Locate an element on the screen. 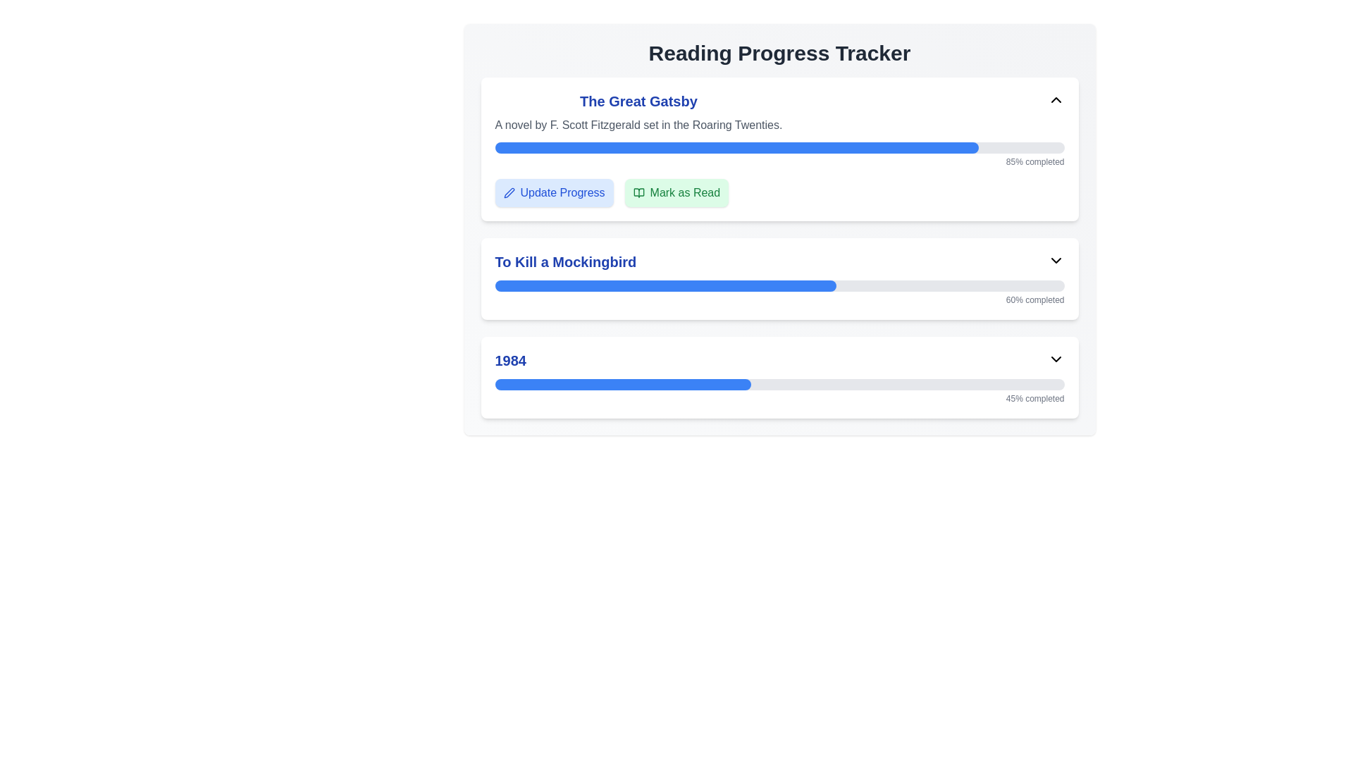  the progress bar representing the reading progress of 'To Kill a Mockingbird', which is located below the title and dropdown arrow, and spans the width of the section is located at coordinates (779, 292).